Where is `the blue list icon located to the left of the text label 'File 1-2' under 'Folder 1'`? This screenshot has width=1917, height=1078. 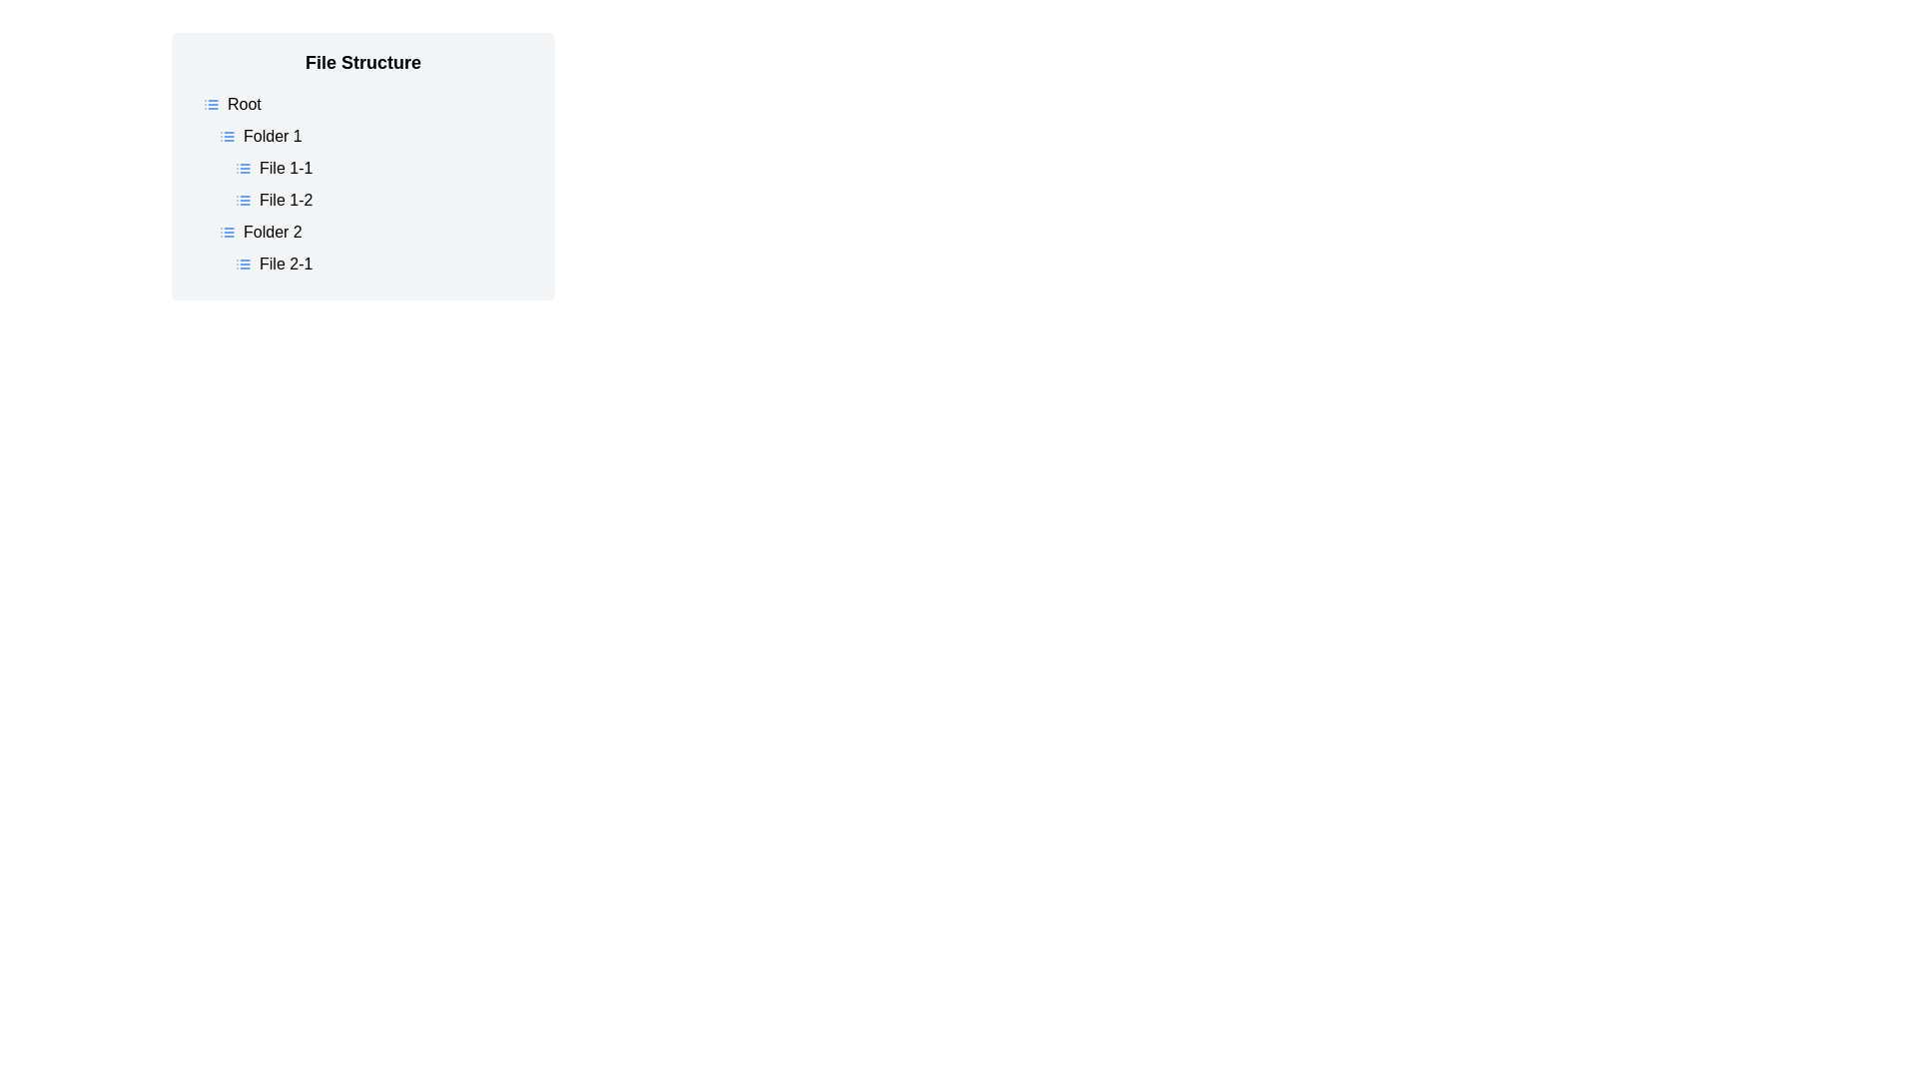
the blue list icon located to the left of the text label 'File 1-2' under 'Folder 1' is located at coordinates (243, 200).